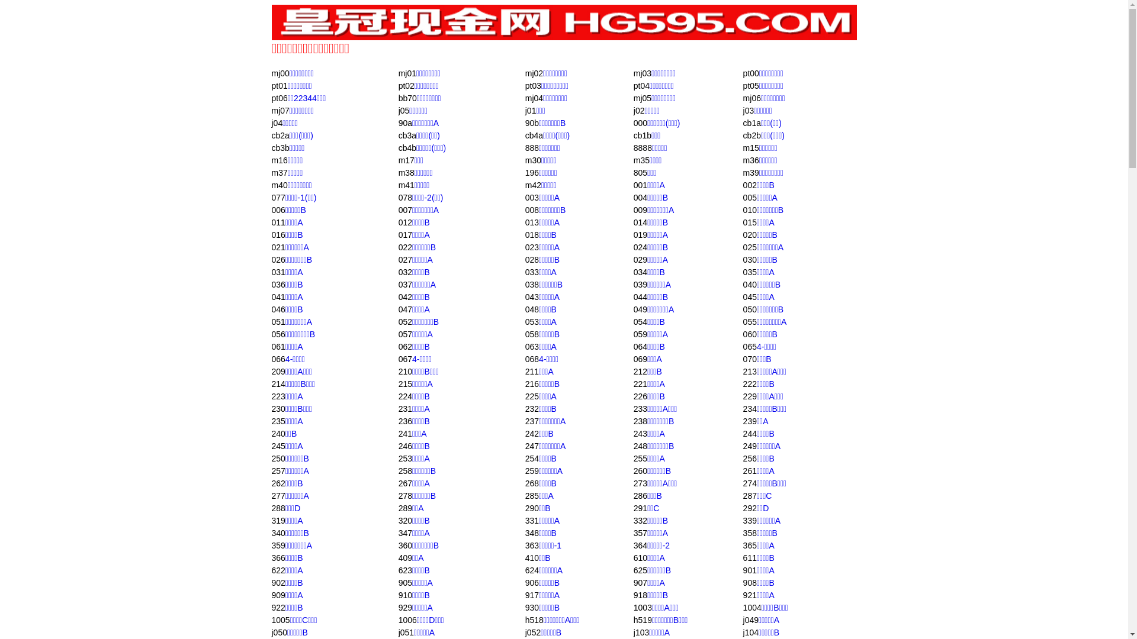 This screenshot has width=1137, height=639. I want to click on 'm16', so click(278, 160).